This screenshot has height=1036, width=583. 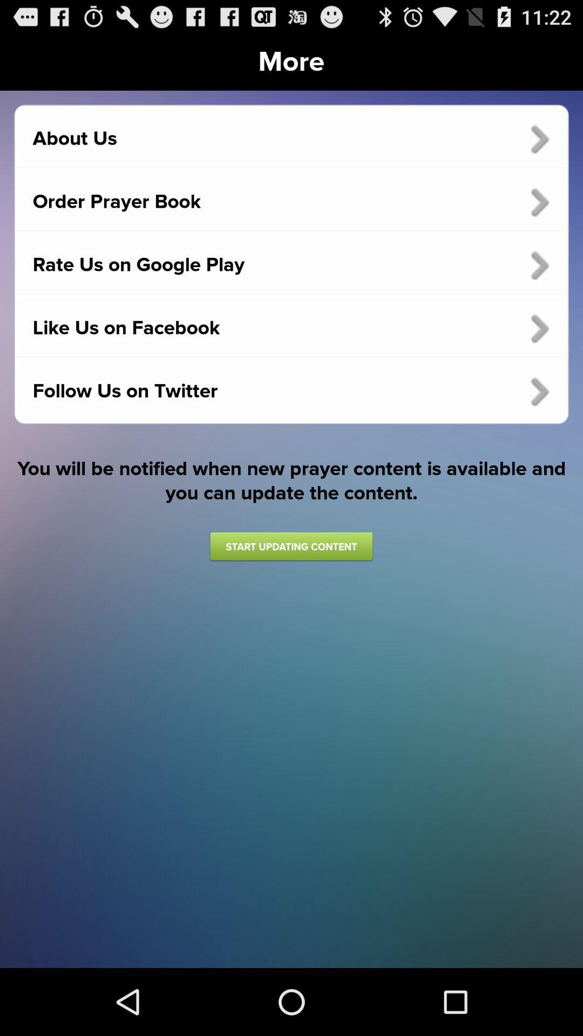 I want to click on the app below the you will be icon, so click(x=290, y=546).